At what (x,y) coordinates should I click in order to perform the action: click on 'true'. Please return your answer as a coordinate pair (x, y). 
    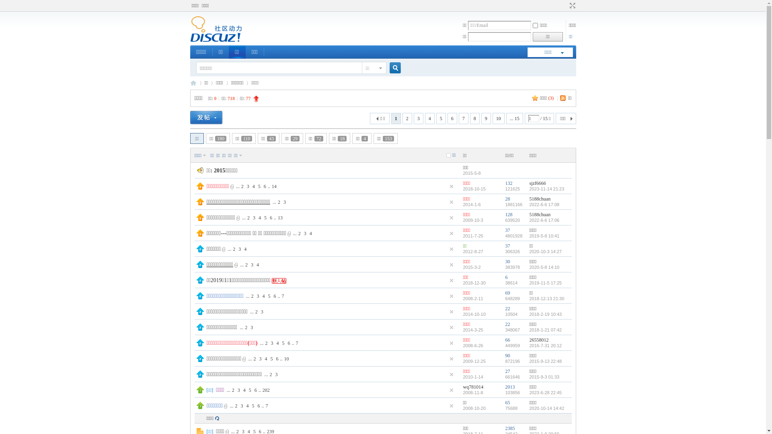
    Looking at the image, I should click on (392, 68).